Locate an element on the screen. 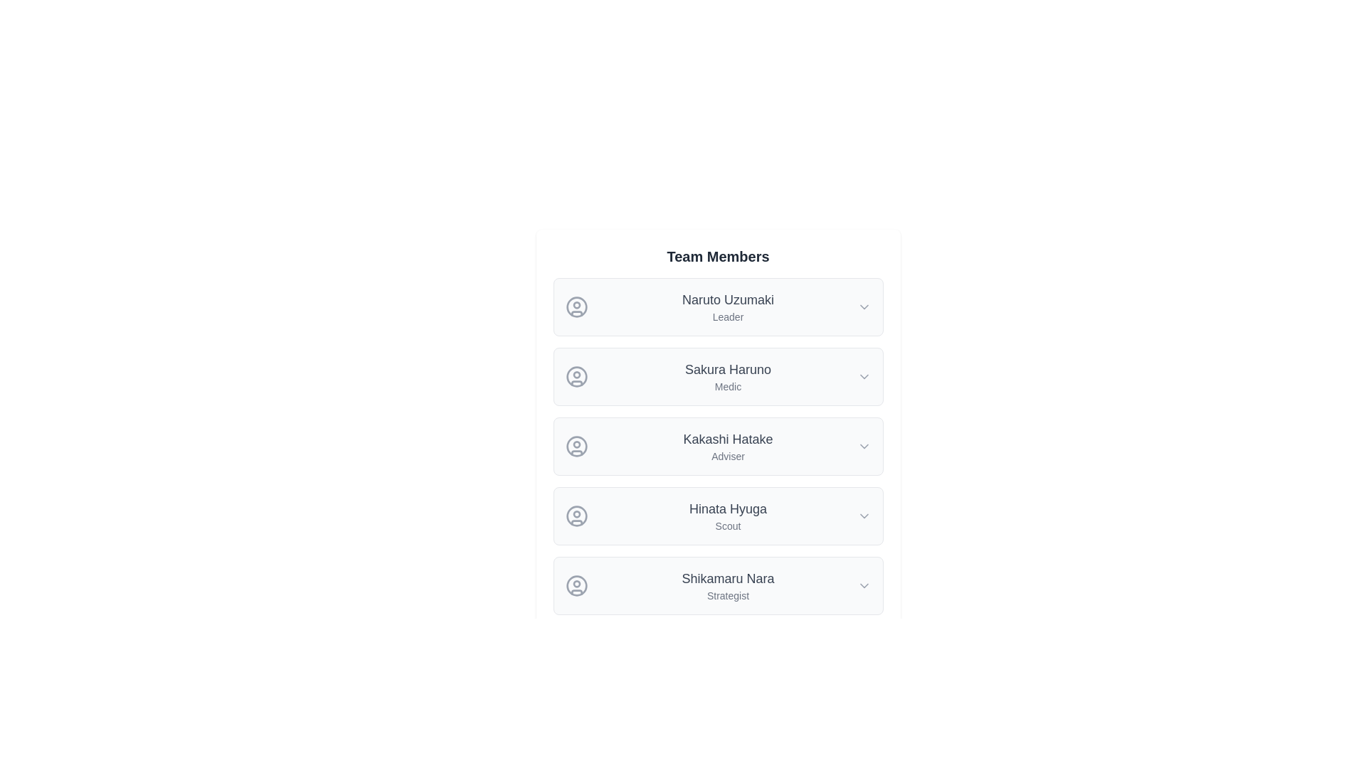  the decorative SVG circle representing the face of the user icon for 'Shikamaru Nara' in the 'Team Members' list, which is the fifth entry in the vertical stack is located at coordinates (576, 586).